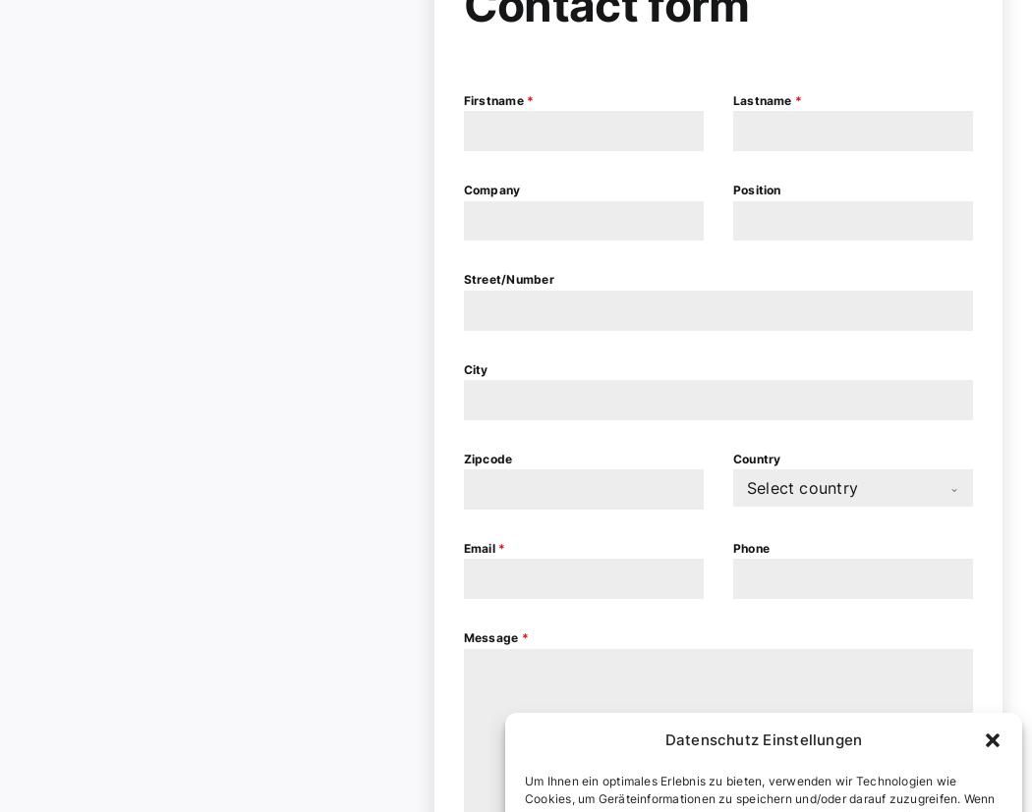 The image size is (1032, 812). I want to click on 'Street/Number', so click(507, 279).